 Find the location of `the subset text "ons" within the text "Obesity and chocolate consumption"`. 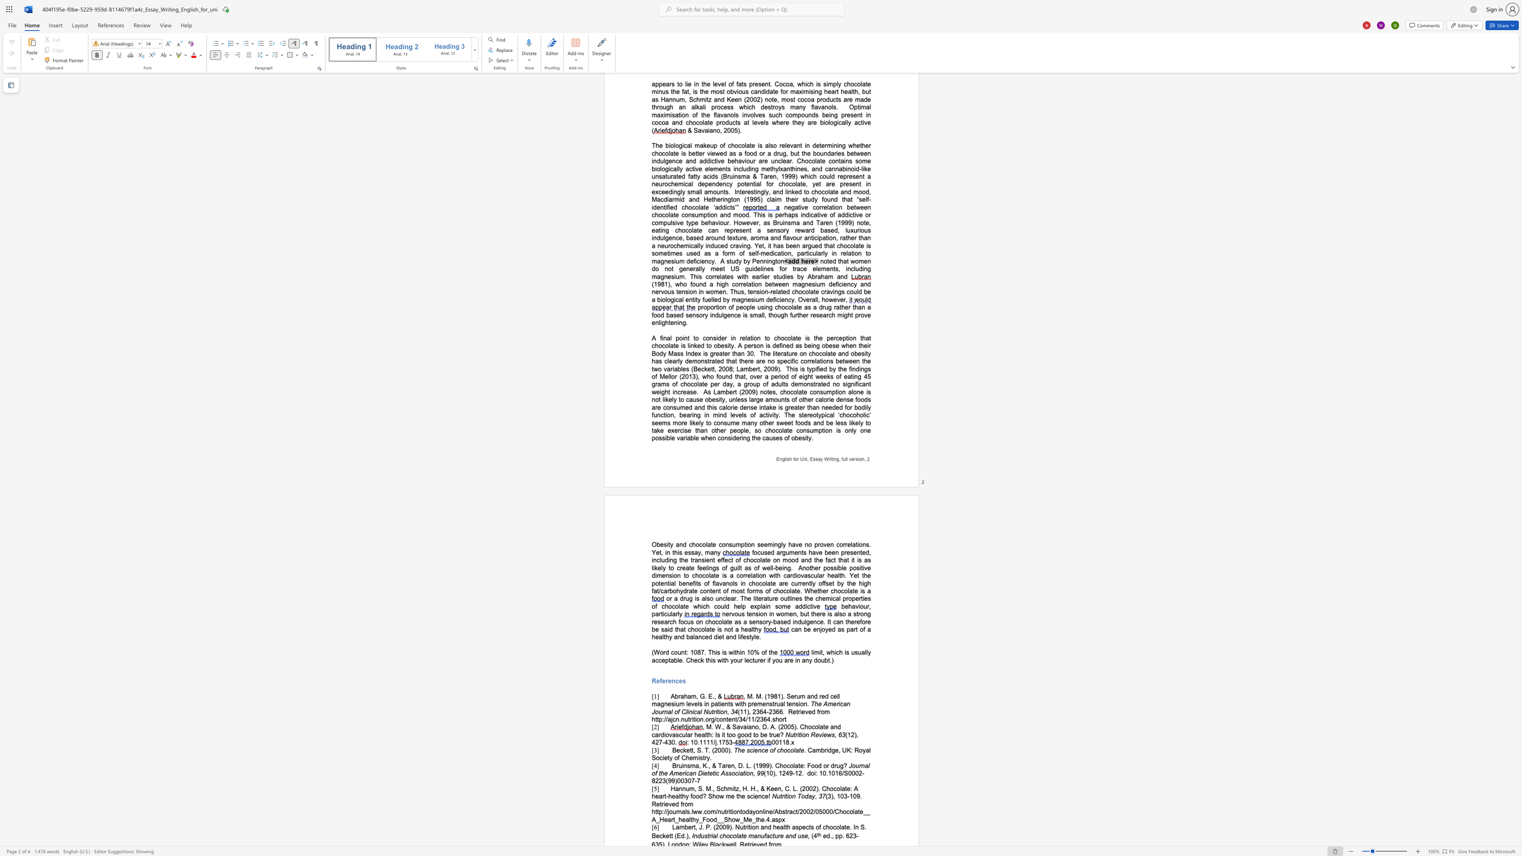

the subset text "ons" within the text "Obesity and chocolate consumption" is located at coordinates (722, 543).